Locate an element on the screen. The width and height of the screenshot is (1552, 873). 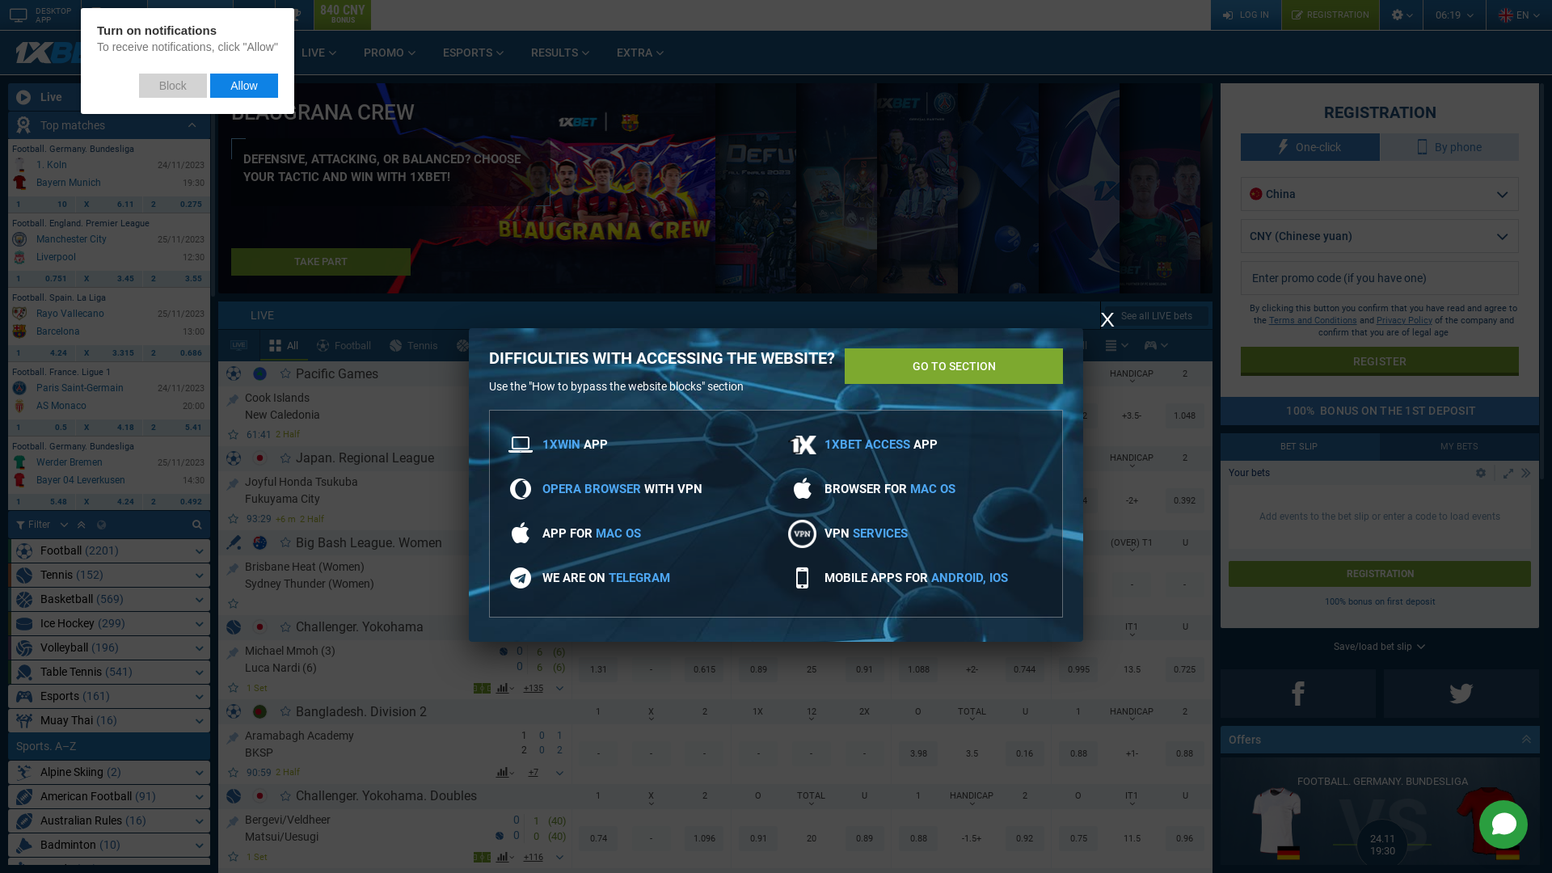
'Pacific Games' is located at coordinates (336, 373).